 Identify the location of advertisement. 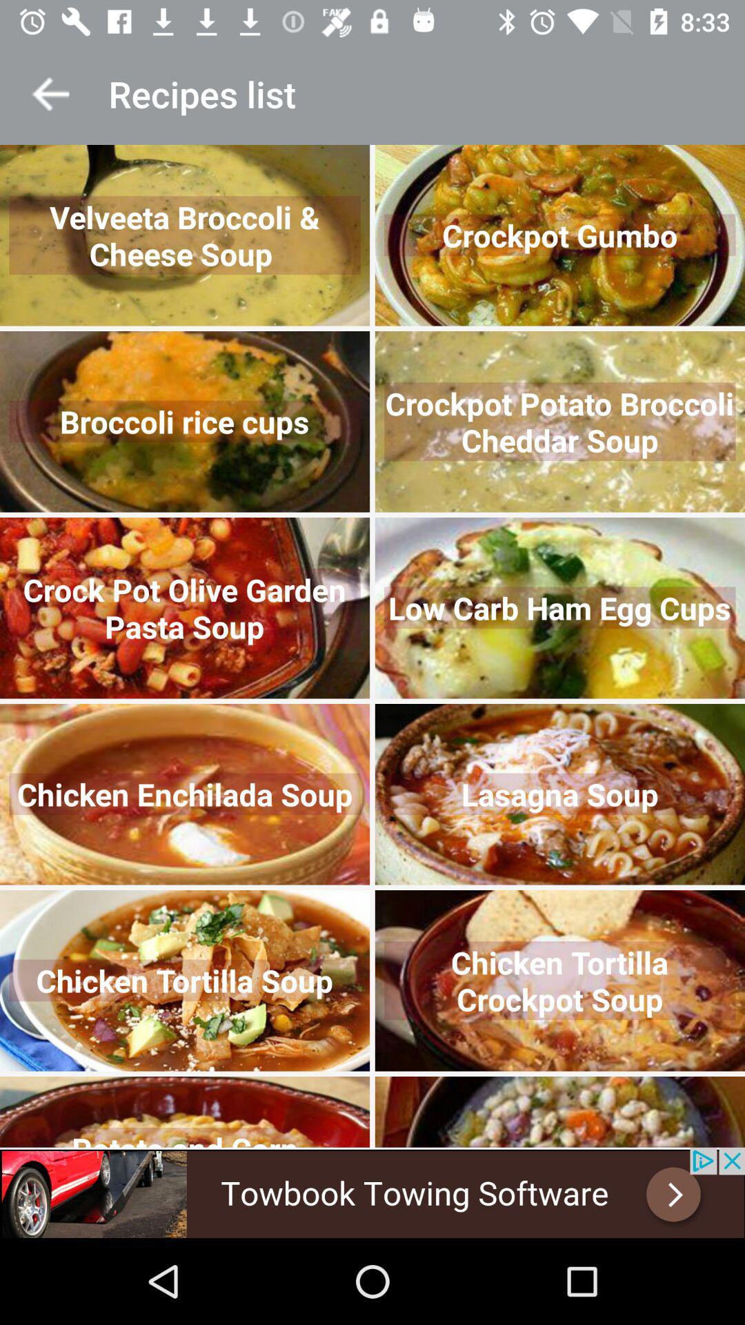
(372, 1192).